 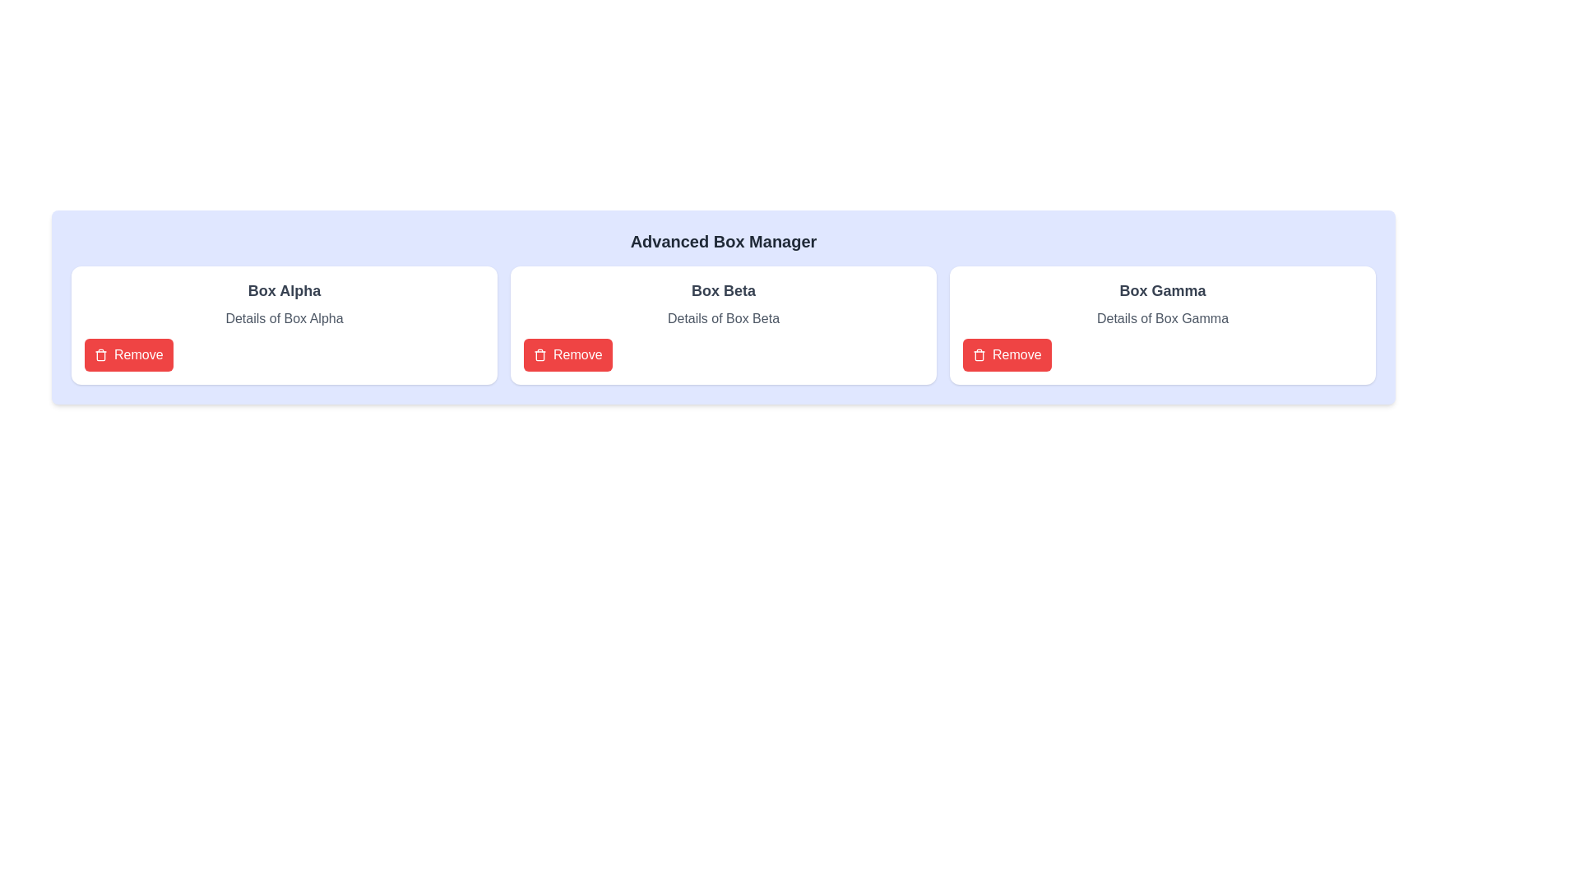 I want to click on the red 'Remove' button with a trash can icon, so click(x=567, y=354).